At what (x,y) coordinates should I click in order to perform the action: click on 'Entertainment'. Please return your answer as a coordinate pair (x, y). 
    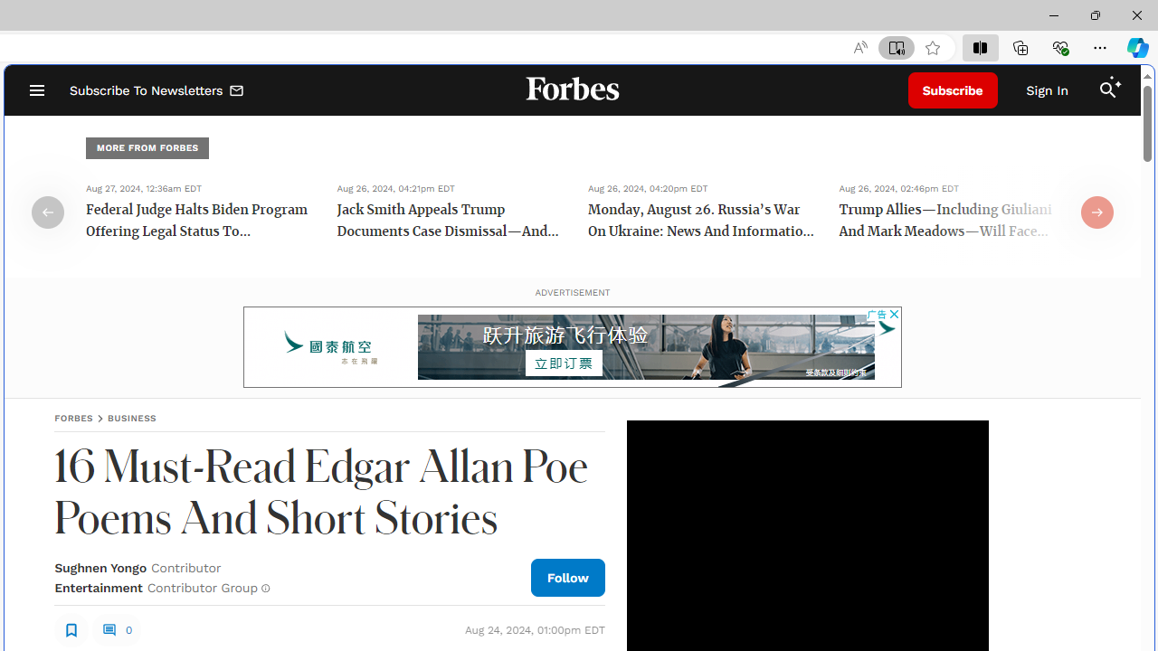
    Looking at the image, I should click on (97, 588).